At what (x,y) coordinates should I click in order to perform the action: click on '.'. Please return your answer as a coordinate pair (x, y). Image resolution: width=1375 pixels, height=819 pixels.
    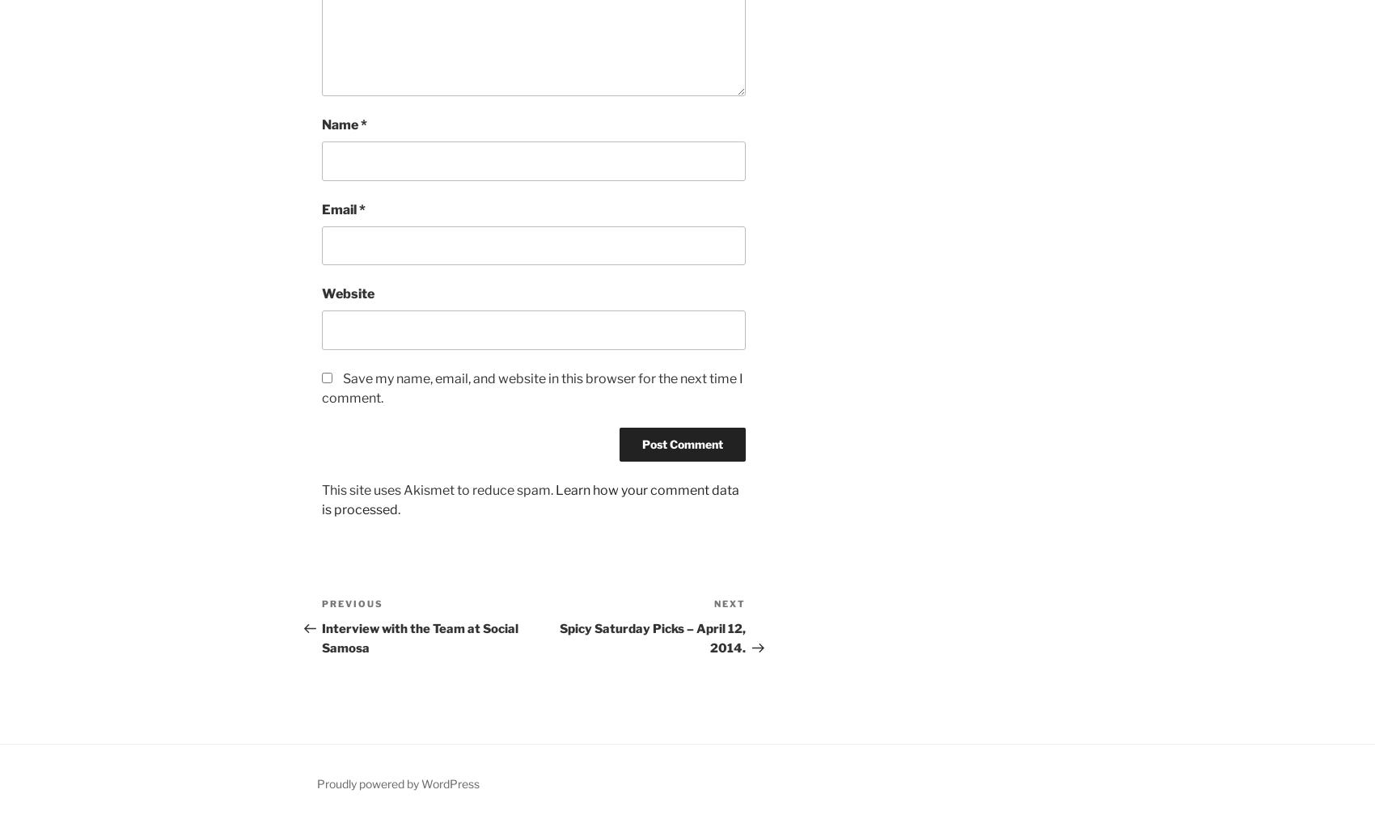
    Looking at the image, I should click on (399, 508).